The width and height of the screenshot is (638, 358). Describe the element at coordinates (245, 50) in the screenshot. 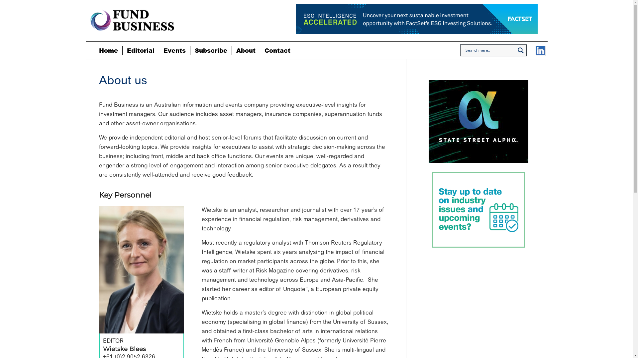

I see `'About'` at that location.